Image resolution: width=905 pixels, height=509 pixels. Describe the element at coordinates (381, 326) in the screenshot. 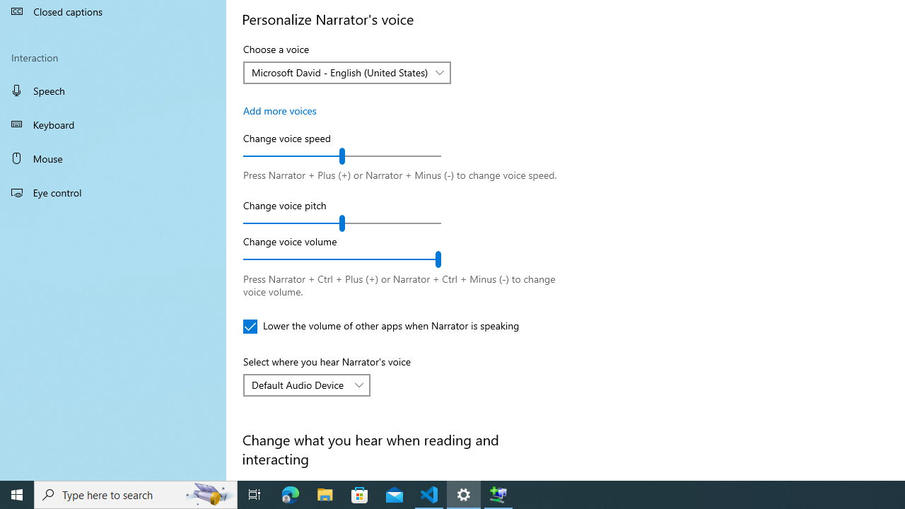

I see `'Lower the volume of other apps when Narrator is speaking'` at that location.